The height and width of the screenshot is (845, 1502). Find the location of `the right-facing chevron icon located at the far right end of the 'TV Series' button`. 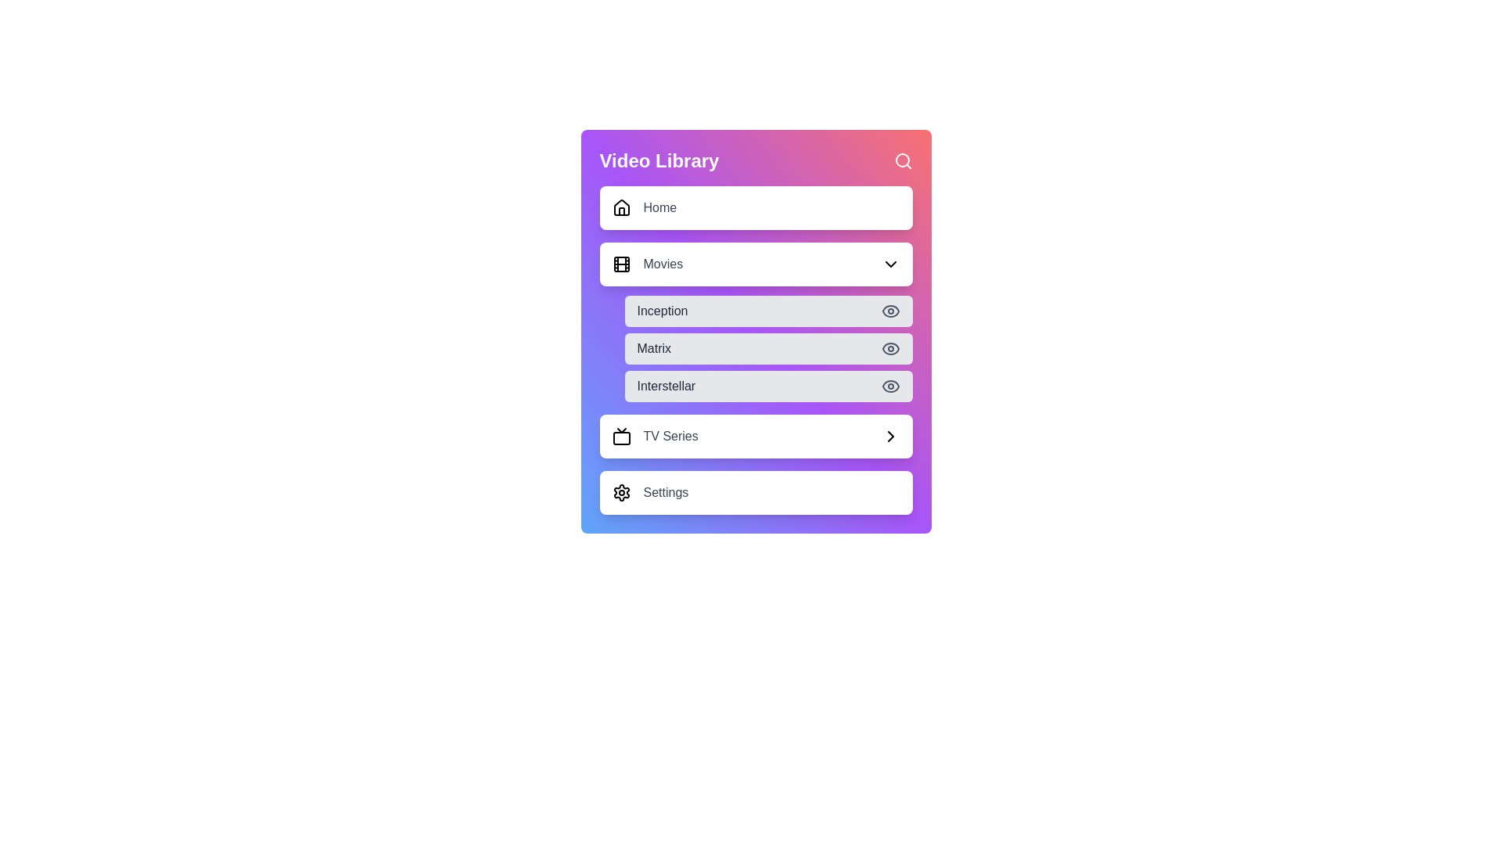

the right-facing chevron icon located at the far right end of the 'TV Series' button is located at coordinates (890, 437).